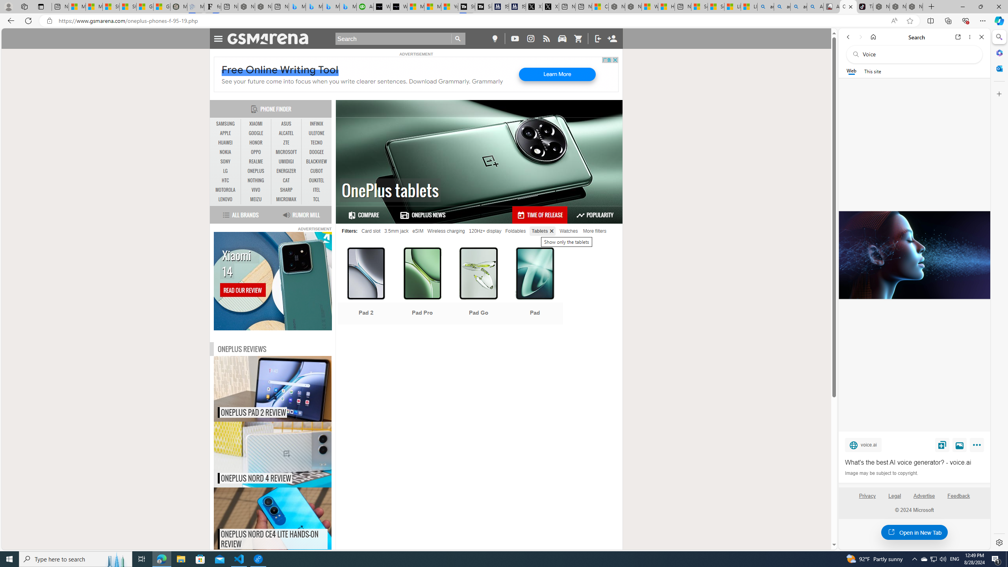 The height and width of the screenshot is (567, 1008). I want to click on 'DOOGEE', so click(316, 152).